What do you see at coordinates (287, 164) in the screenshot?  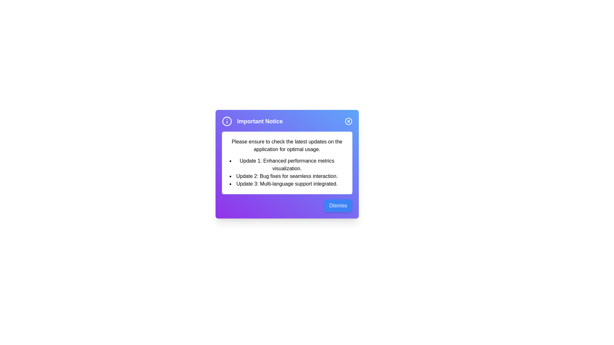 I see `the alert to open the context menu` at bounding box center [287, 164].